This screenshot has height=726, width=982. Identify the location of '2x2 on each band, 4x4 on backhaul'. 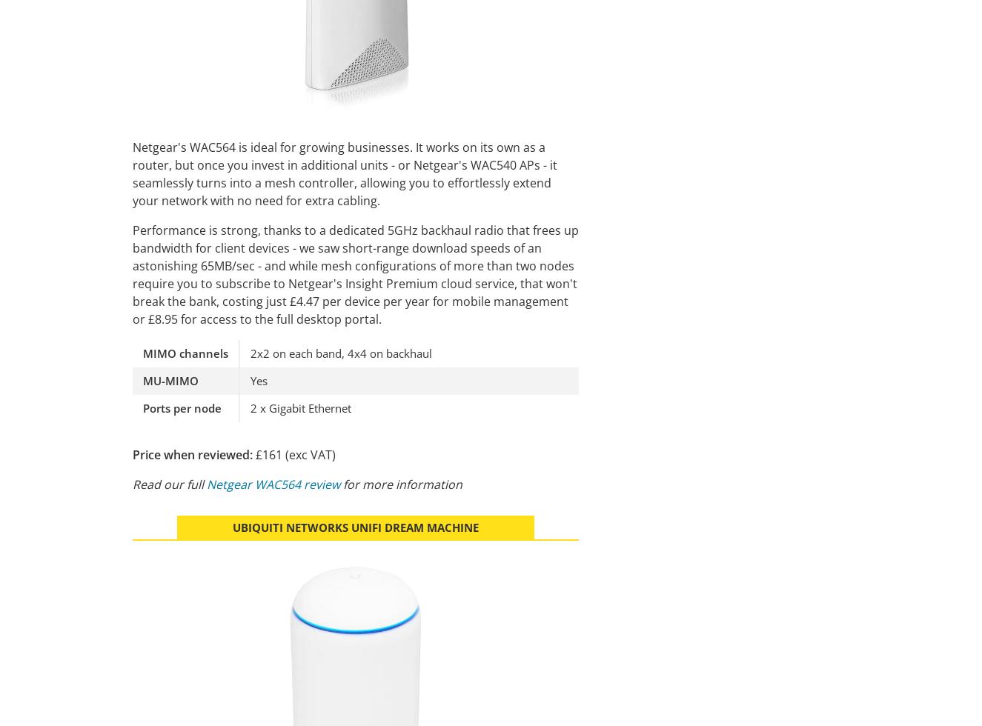
(340, 353).